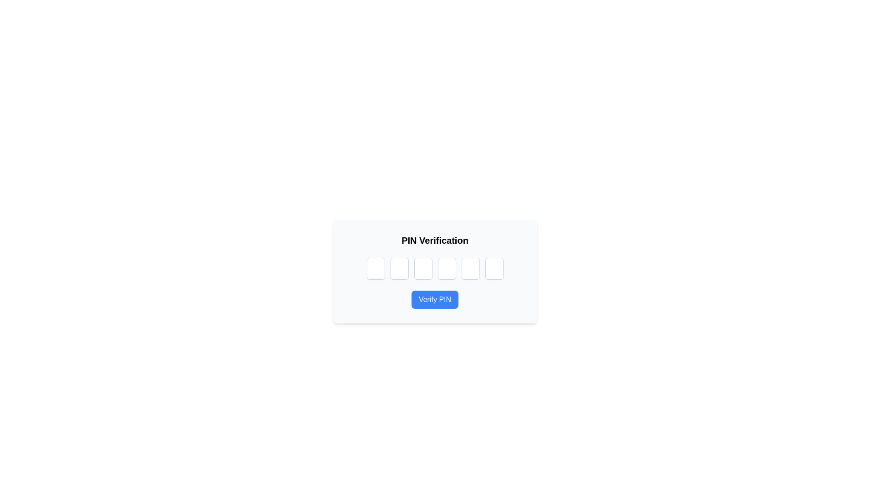 The width and height of the screenshot is (875, 492). I want to click on the fourth input field in a series of six horizontally aligned fields to focus on it, so click(447, 268).